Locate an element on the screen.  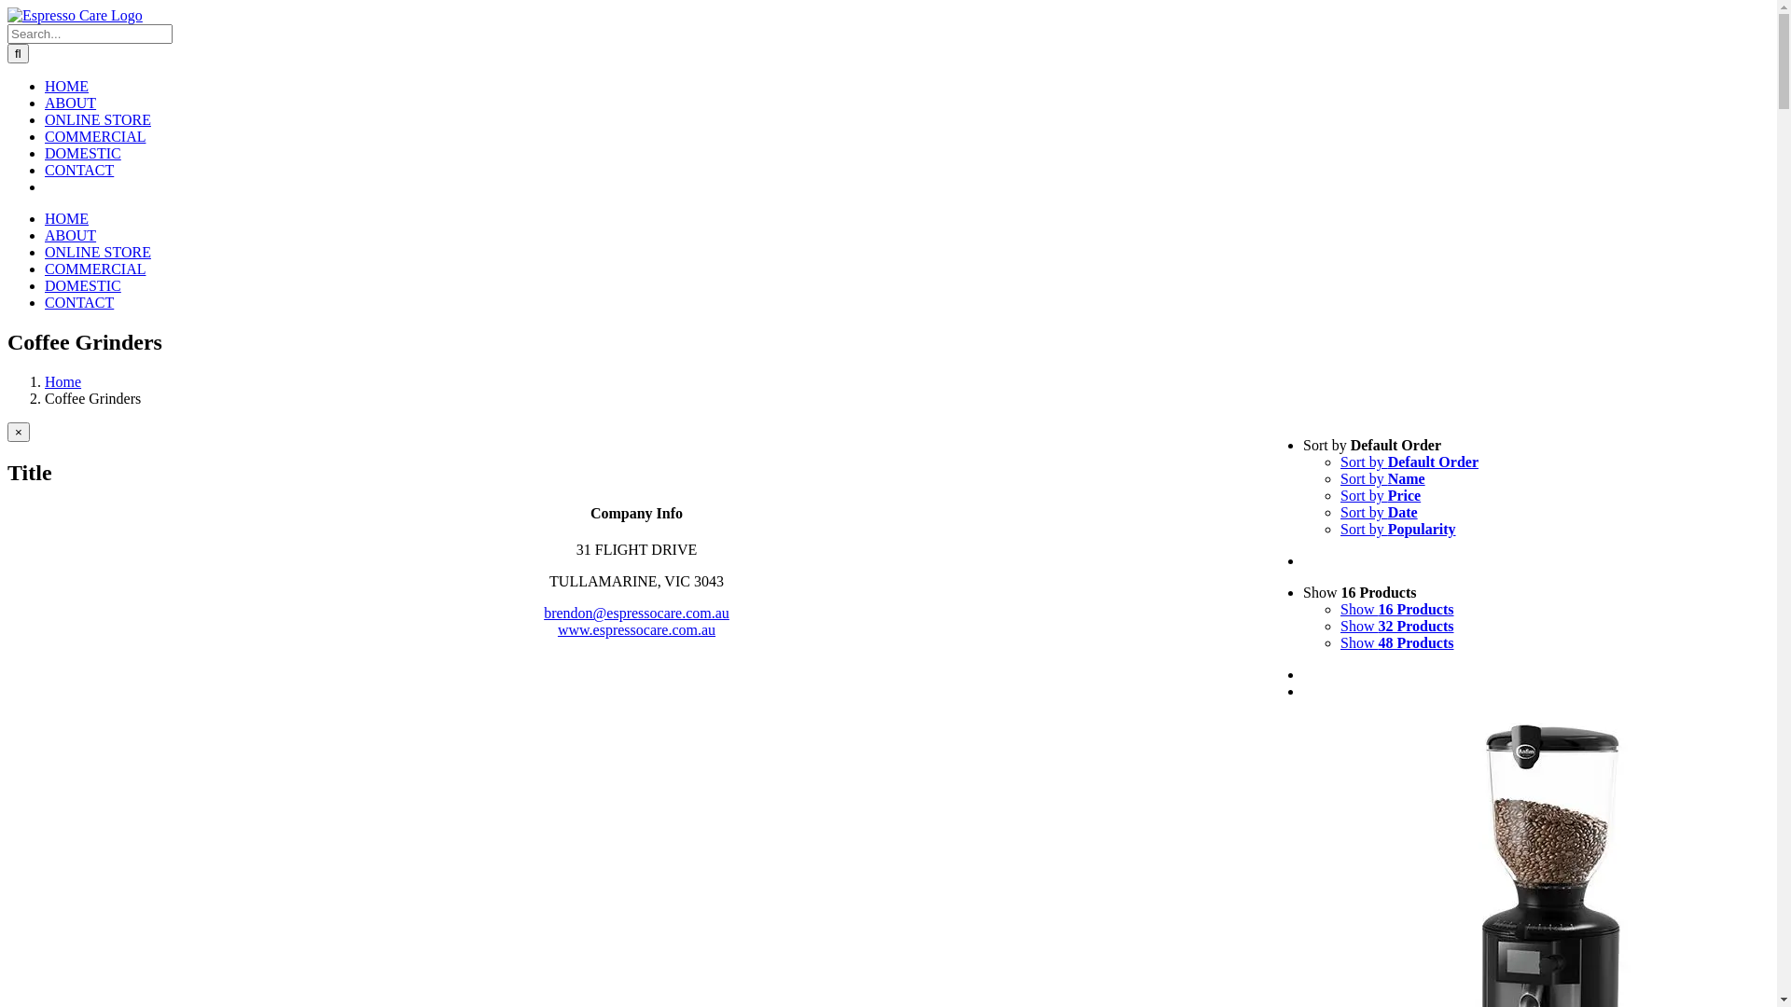
'COMMERCIAL' is located at coordinates (93, 269).